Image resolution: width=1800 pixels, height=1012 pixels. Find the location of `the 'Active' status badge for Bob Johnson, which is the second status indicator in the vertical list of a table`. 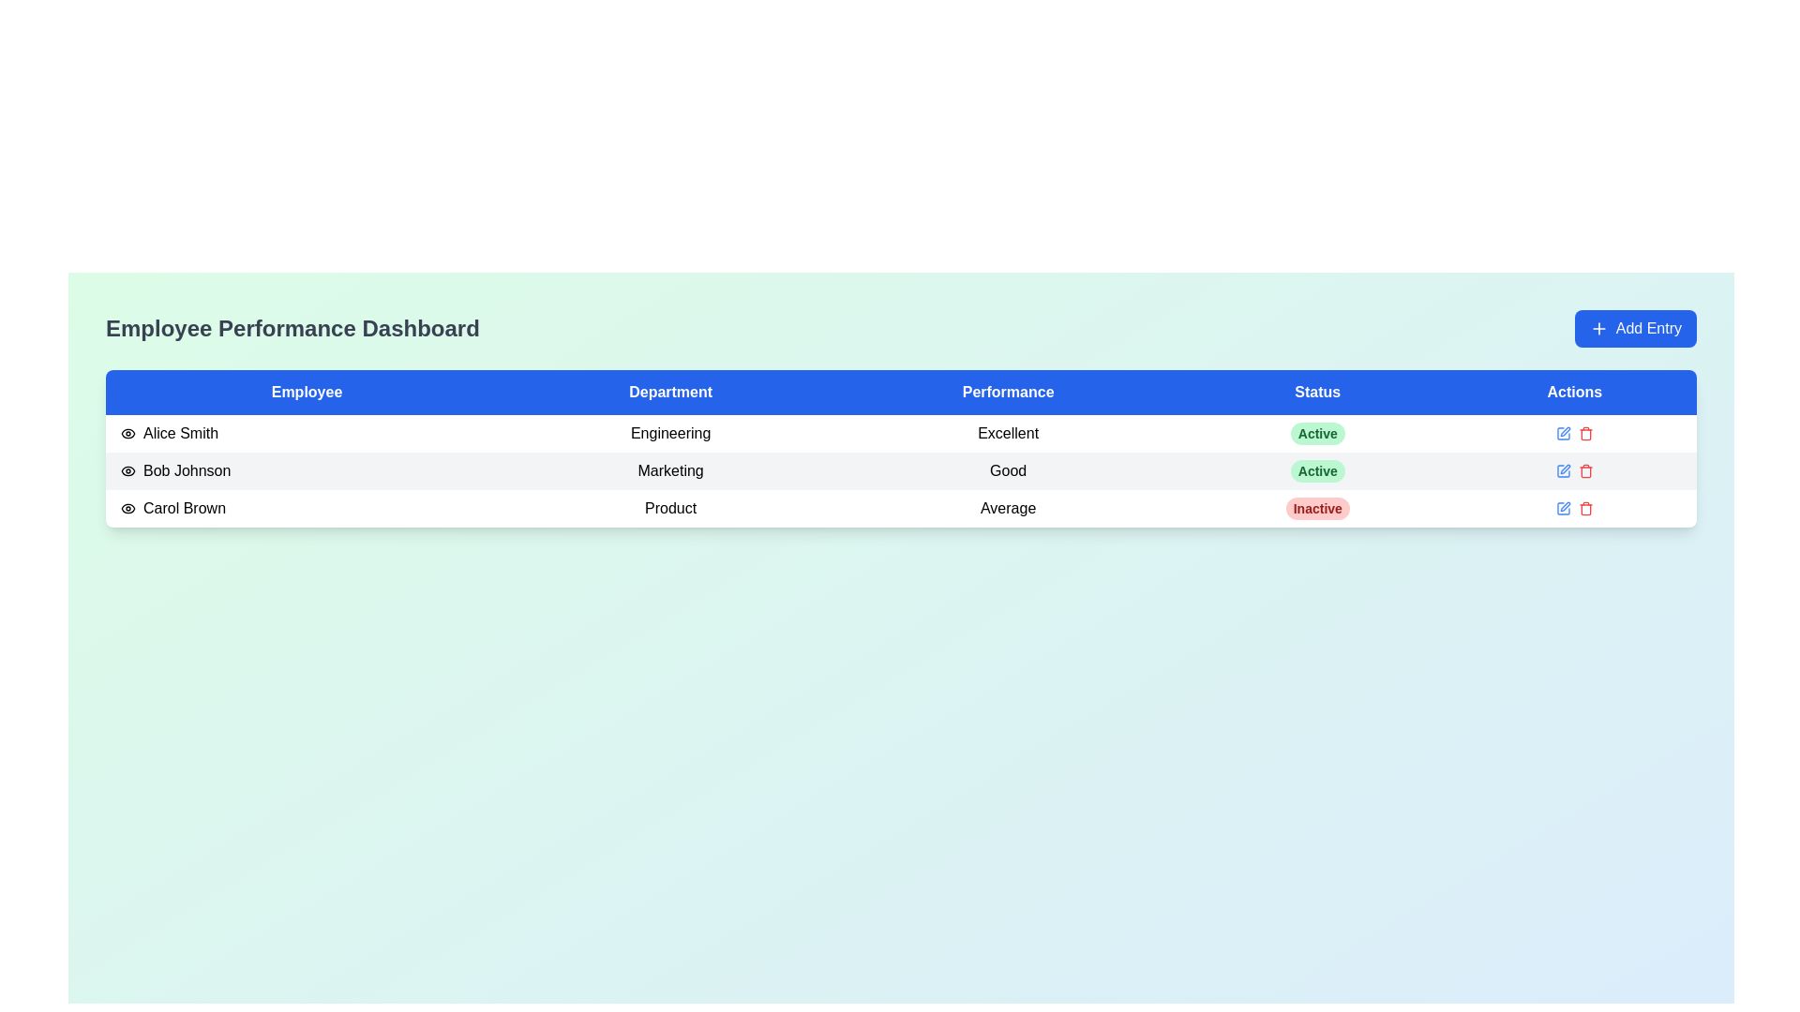

the 'Active' status badge for Bob Johnson, which is the second status indicator in the vertical list of a table is located at coordinates (1316, 469).